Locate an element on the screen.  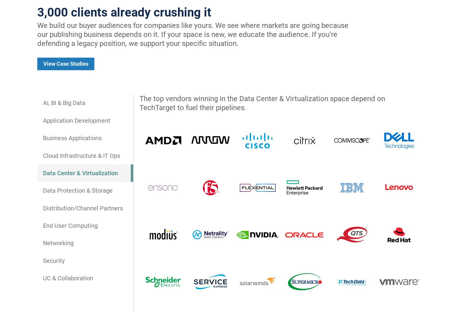
'Distribution/Channel Partners' is located at coordinates (43, 208).